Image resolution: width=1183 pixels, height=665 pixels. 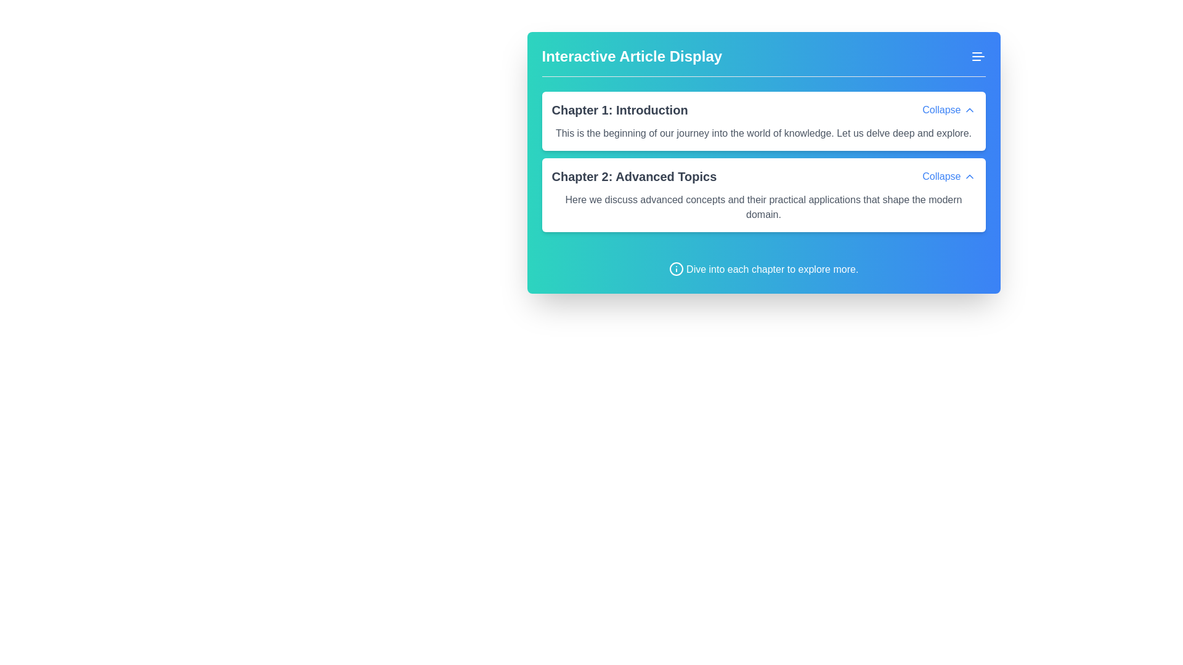 What do you see at coordinates (948, 109) in the screenshot?
I see `the button with an integrated icon located at the upper-right corner of the 'Chapter 1: Introduction' section` at bounding box center [948, 109].